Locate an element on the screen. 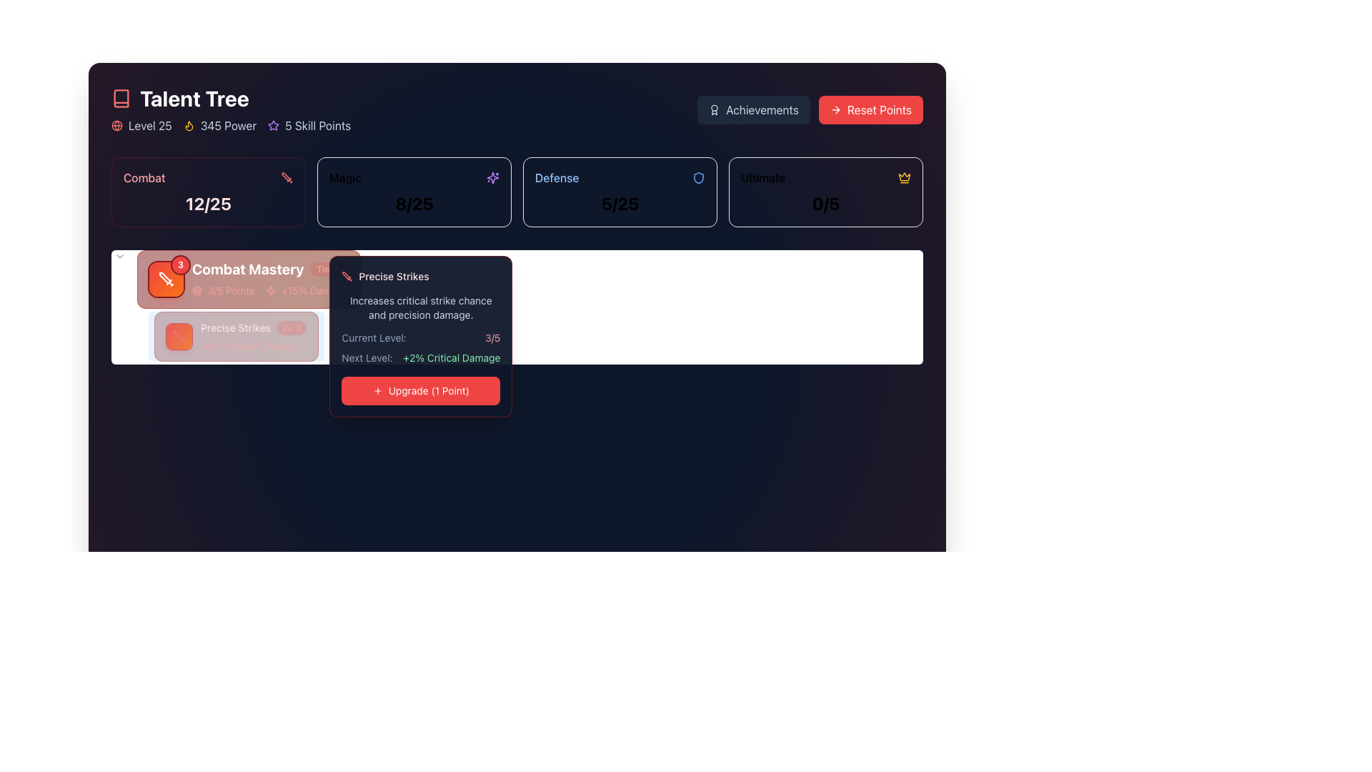  the small clock icon with a circular outline, positioned to the left of the text '3h 20m', which serves as a visual indication related to the time information is located at coordinates (547, 228).